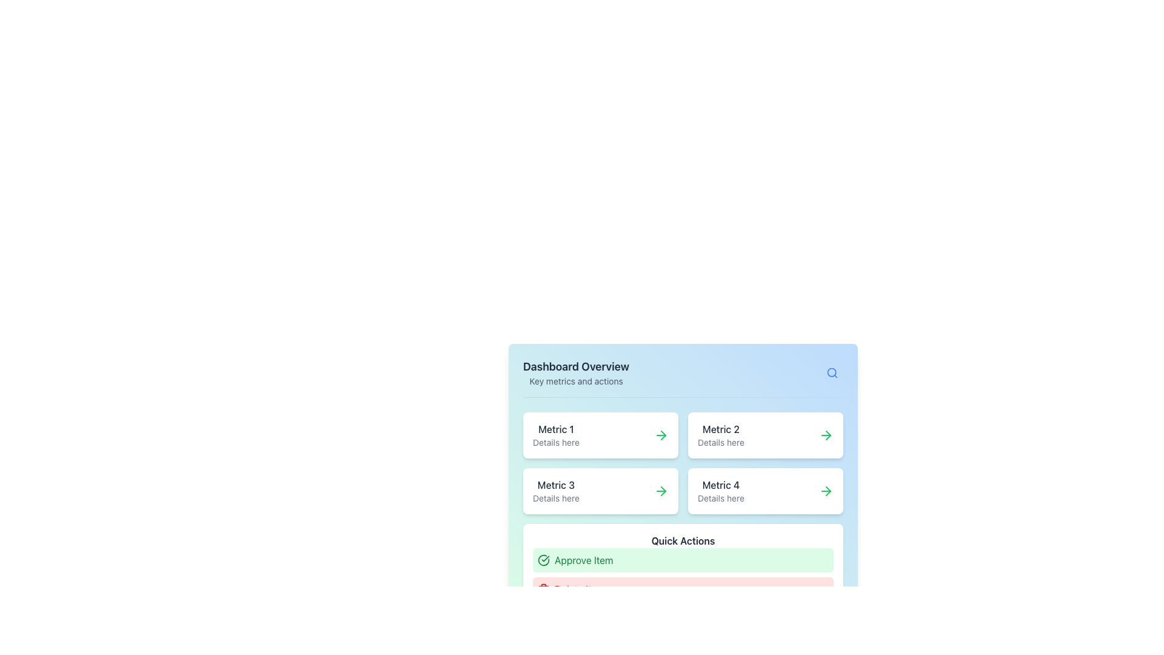  What do you see at coordinates (831, 372) in the screenshot?
I see `the icon button located near the top right corner of the blue header section` at bounding box center [831, 372].